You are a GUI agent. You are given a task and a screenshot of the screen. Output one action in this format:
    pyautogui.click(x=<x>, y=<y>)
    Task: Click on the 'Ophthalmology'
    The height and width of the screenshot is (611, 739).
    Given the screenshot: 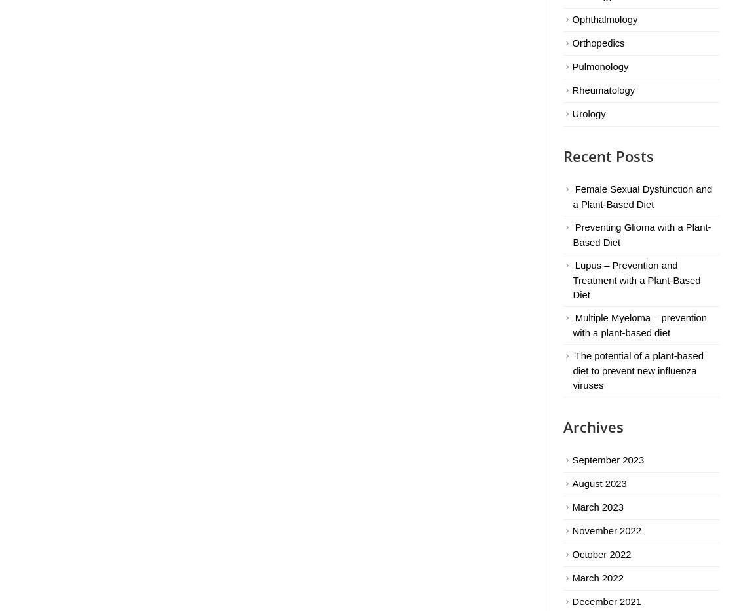 What is the action you would take?
    pyautogui.click(x=605, y=19)
    